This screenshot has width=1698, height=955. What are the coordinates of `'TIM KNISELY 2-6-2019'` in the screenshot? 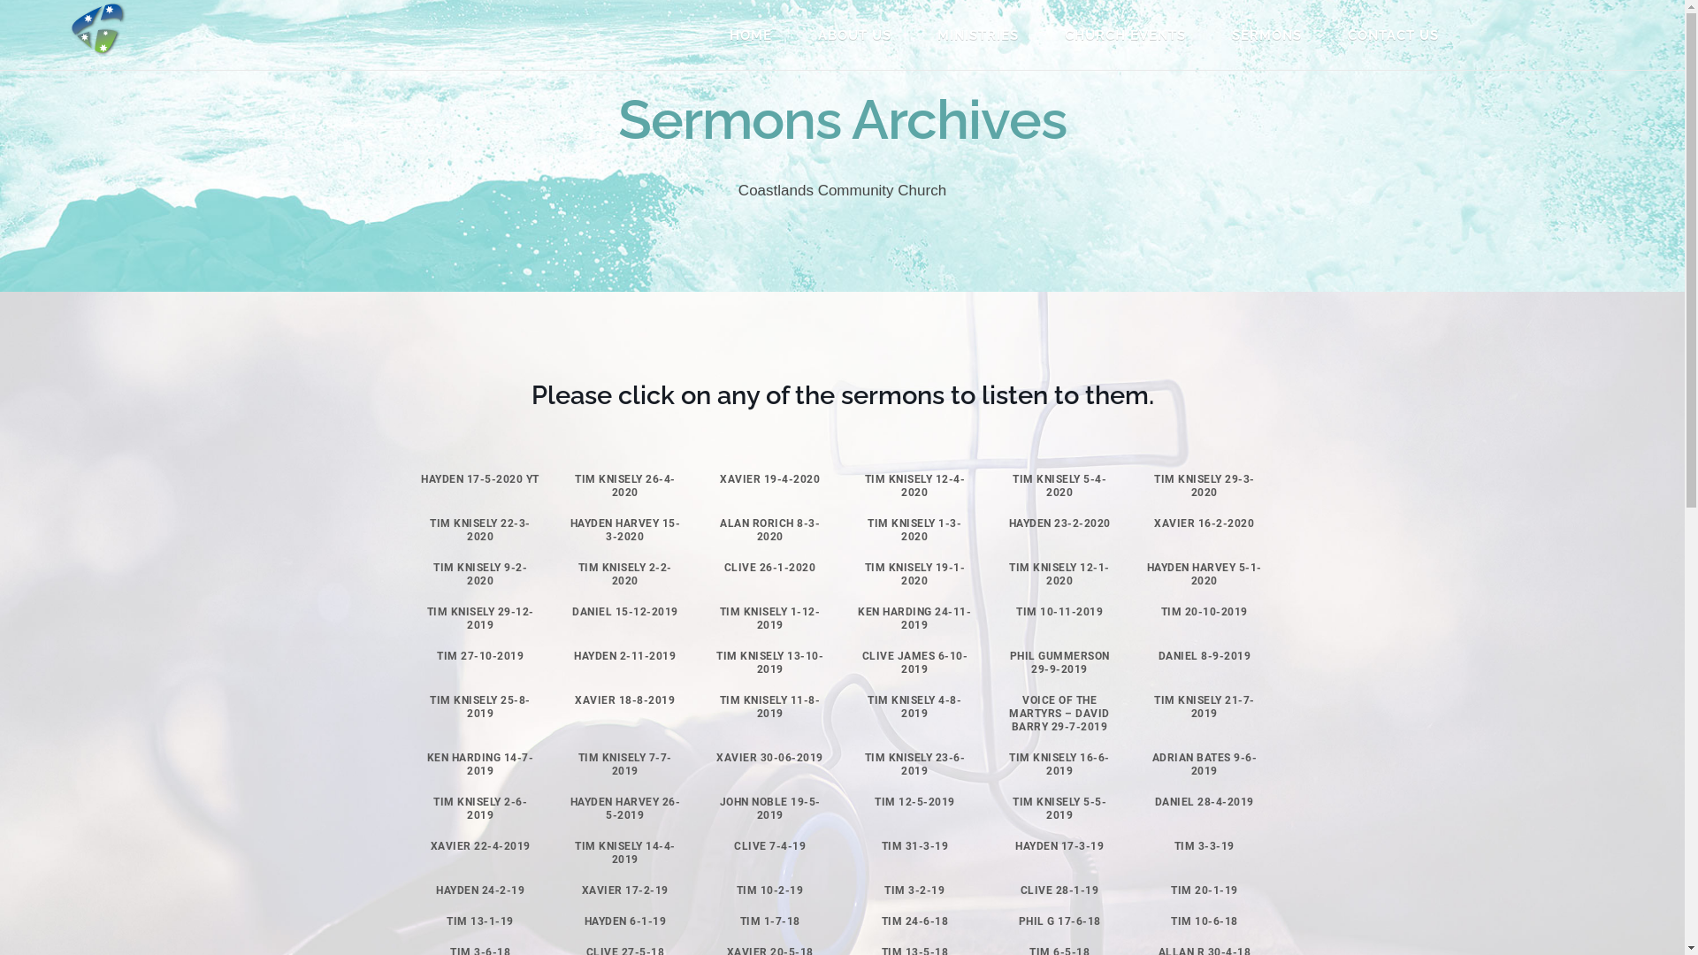 It's located at (479, 808).